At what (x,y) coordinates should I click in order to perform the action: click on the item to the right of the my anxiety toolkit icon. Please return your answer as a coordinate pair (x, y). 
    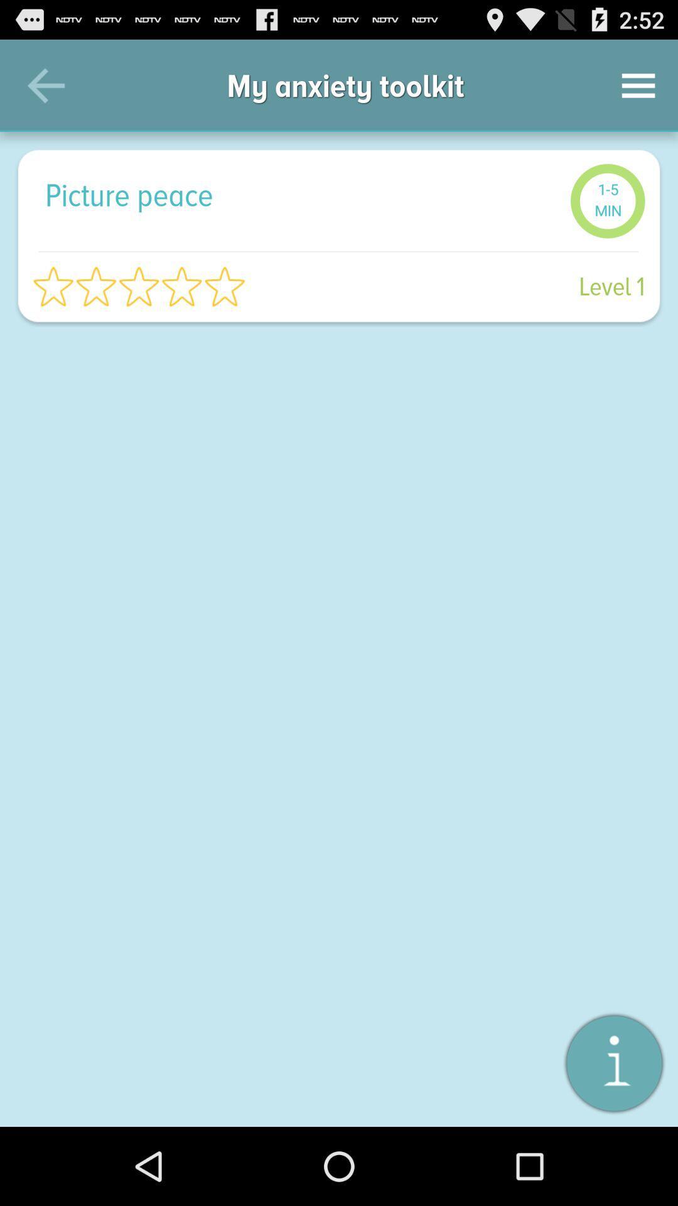
    Looking at the image, I should click on (638, 85).